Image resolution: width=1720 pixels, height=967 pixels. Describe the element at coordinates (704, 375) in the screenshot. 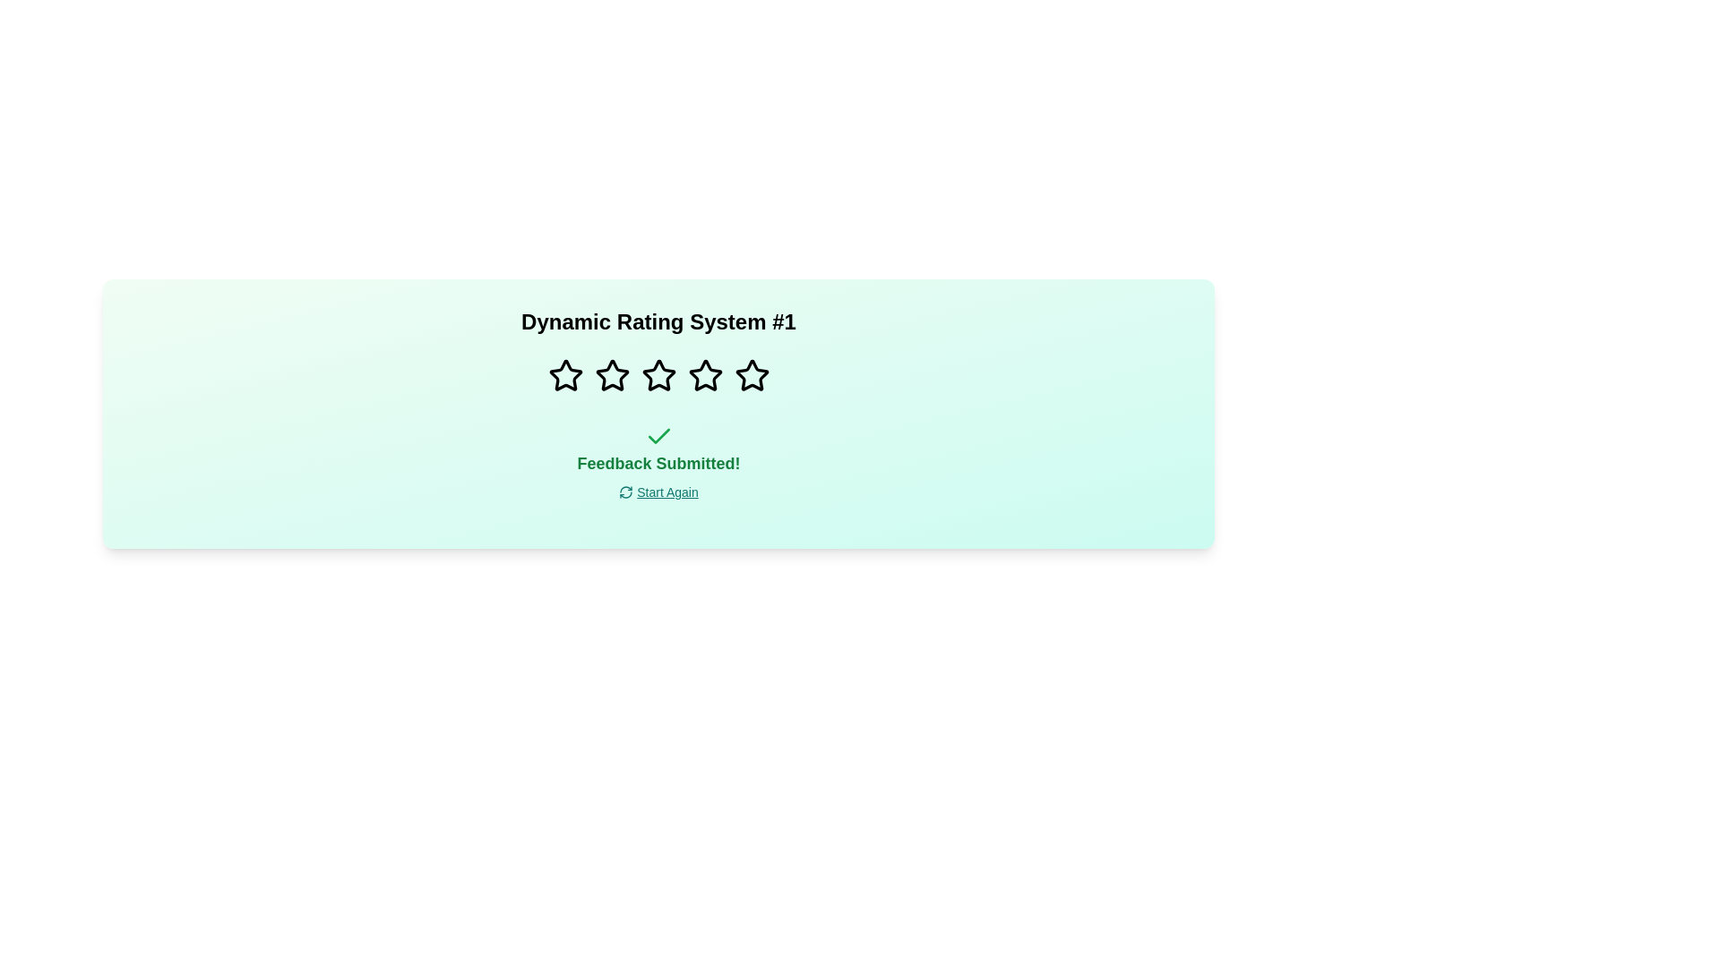

I see `the fourth star in the rating system` at that location.